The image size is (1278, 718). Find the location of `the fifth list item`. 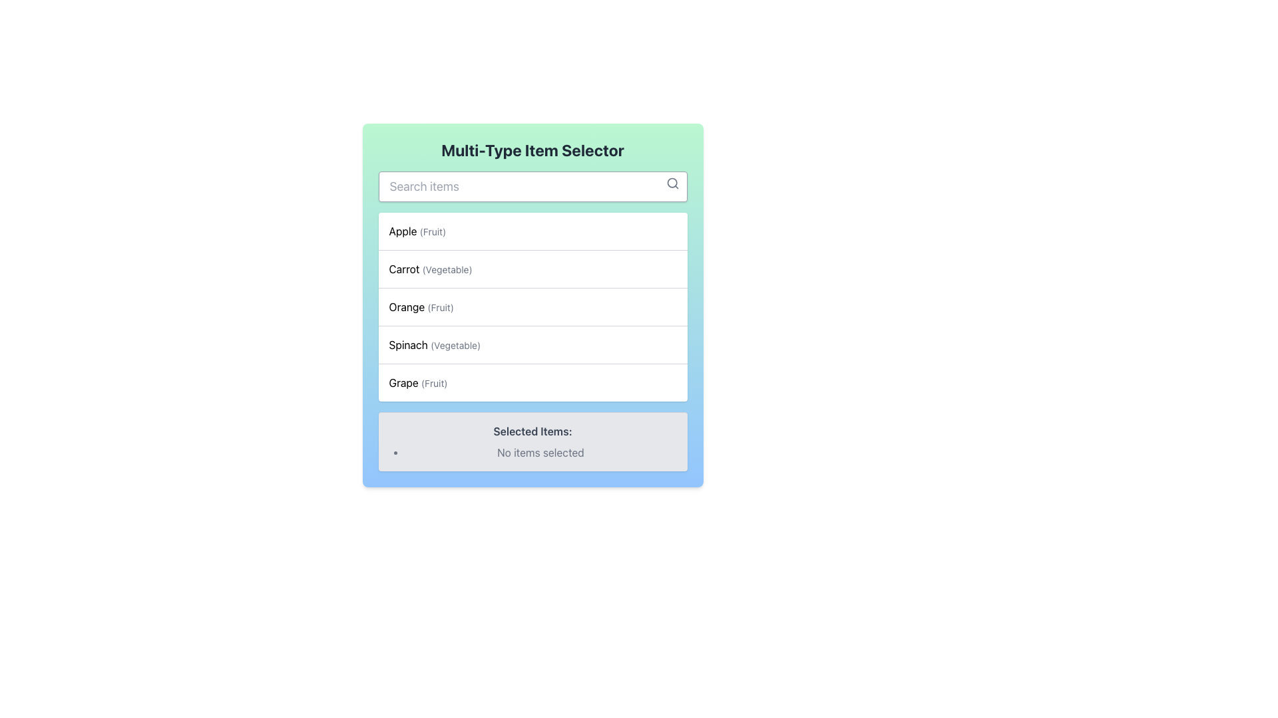

the fifth list item is located at coordinates (417, 382).